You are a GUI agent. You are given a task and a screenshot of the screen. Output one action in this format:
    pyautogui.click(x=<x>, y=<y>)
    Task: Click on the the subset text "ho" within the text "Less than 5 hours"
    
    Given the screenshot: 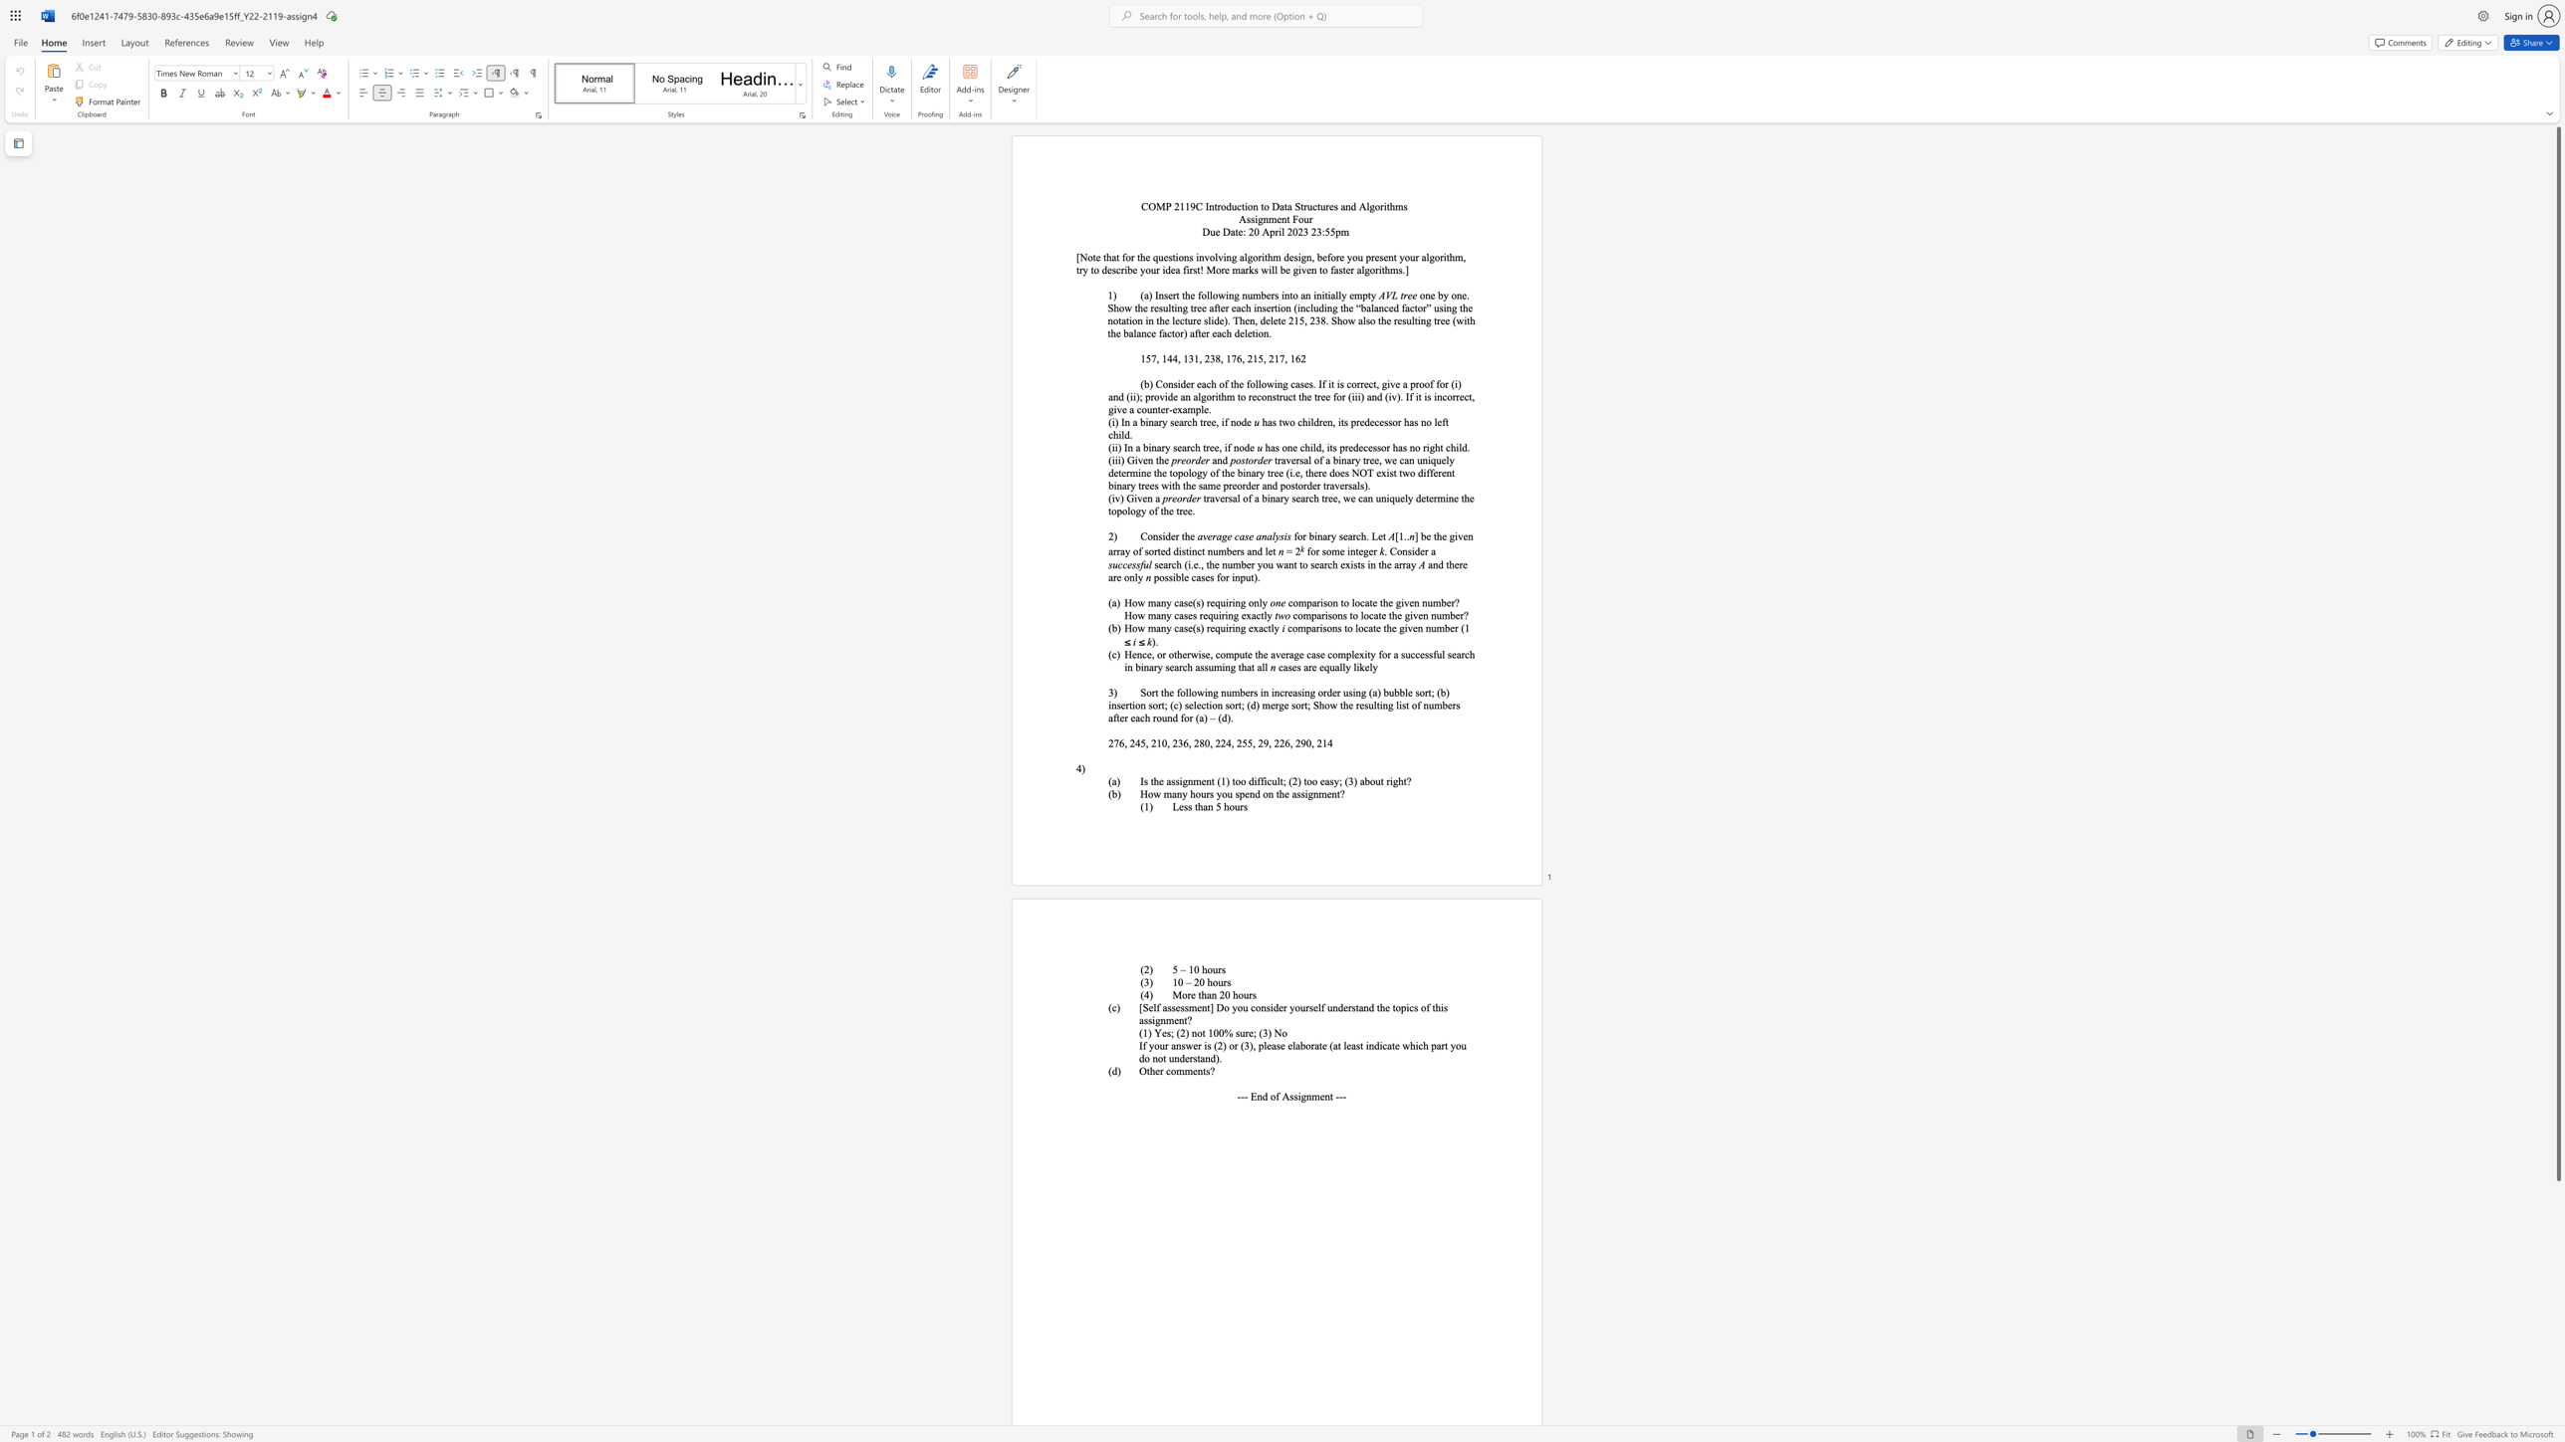 What is the action you would take?
    pyautogui.click(x=1223, y=806)
    